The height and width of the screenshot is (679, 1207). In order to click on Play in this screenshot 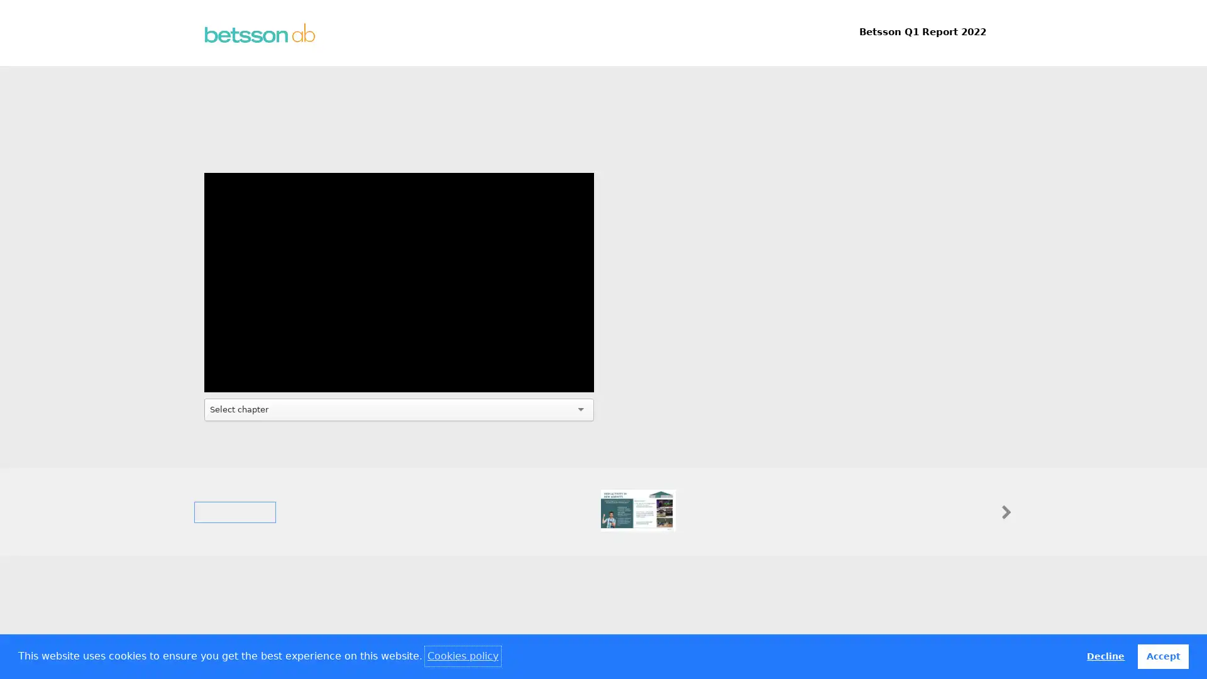, I will do `click(400, 284)`.